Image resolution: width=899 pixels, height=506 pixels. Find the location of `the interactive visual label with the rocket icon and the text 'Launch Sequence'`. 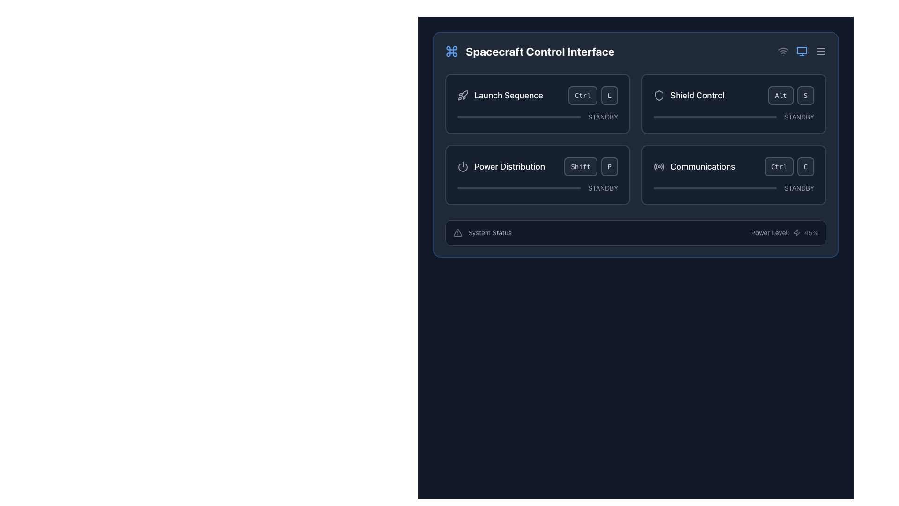

the interactive visual label with the rocket icon and the text 'Launch Sequence' is located at coordinates (538, 96).